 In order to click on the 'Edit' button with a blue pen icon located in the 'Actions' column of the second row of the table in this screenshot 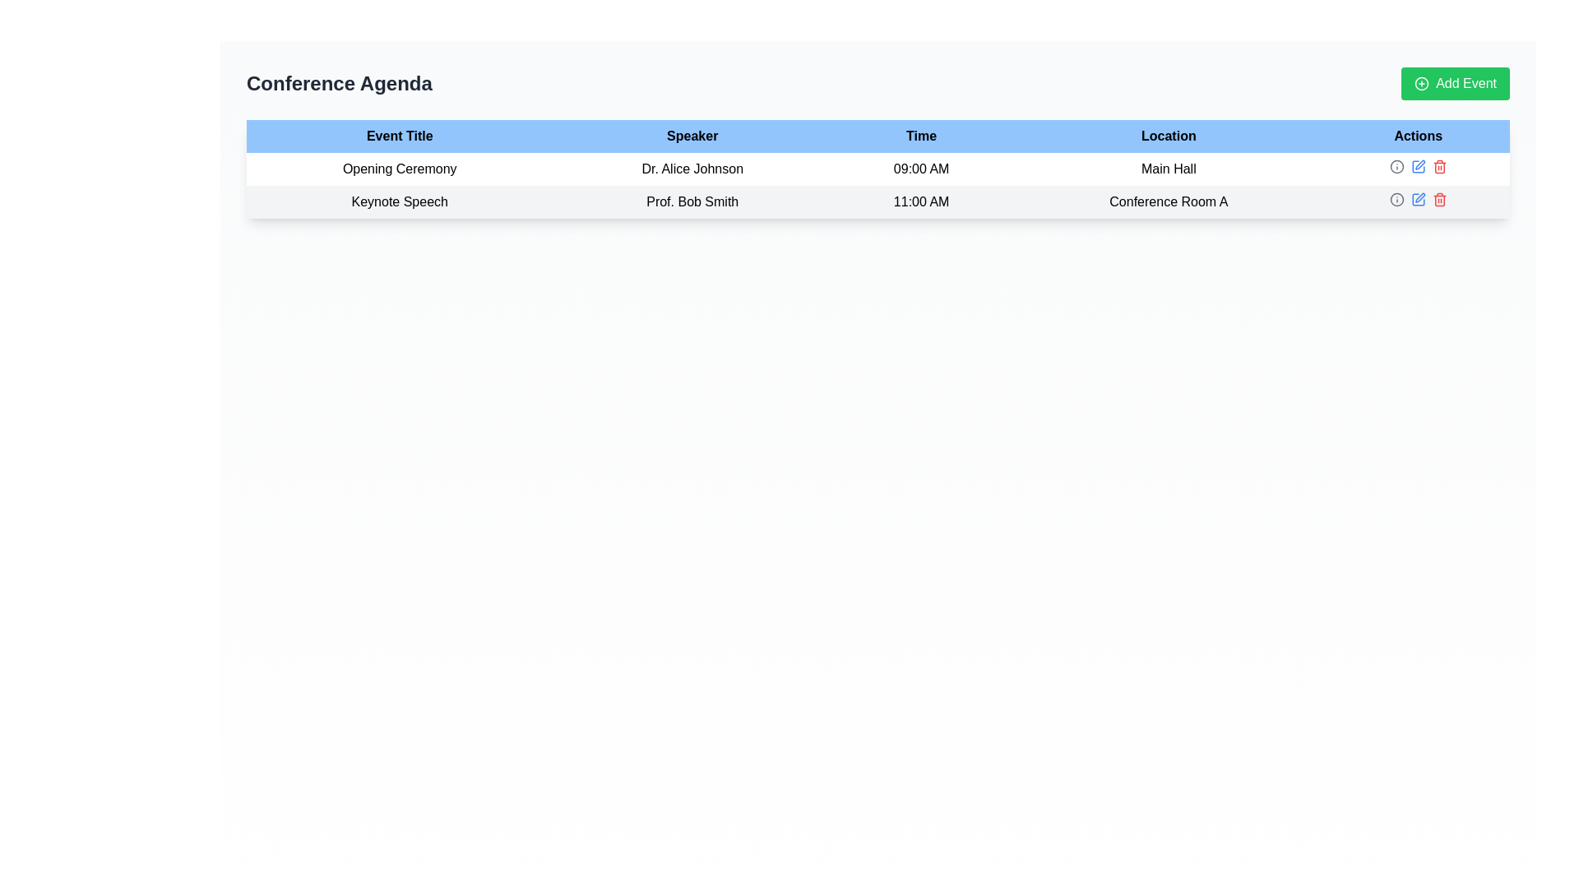, I will do `click(1417, 199)`.